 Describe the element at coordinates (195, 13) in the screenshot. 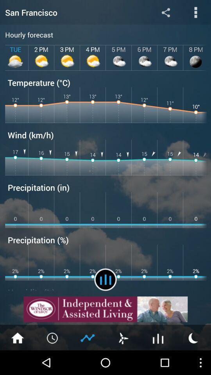

I see `the more icon` at that location.